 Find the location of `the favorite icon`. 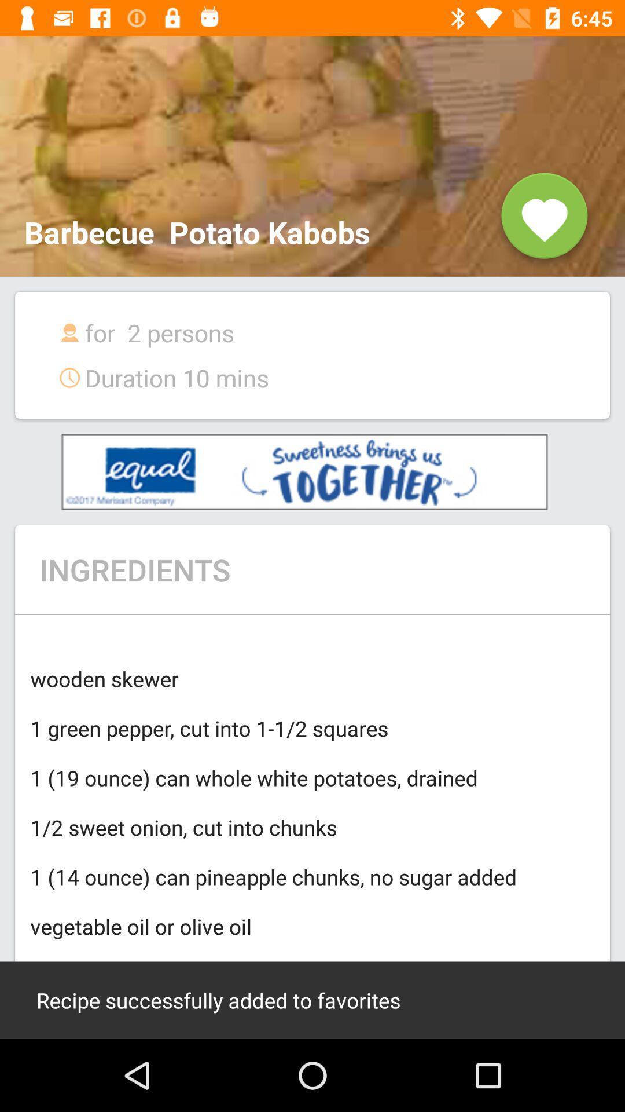

the favorite icon is located at coordinates (544, 220).